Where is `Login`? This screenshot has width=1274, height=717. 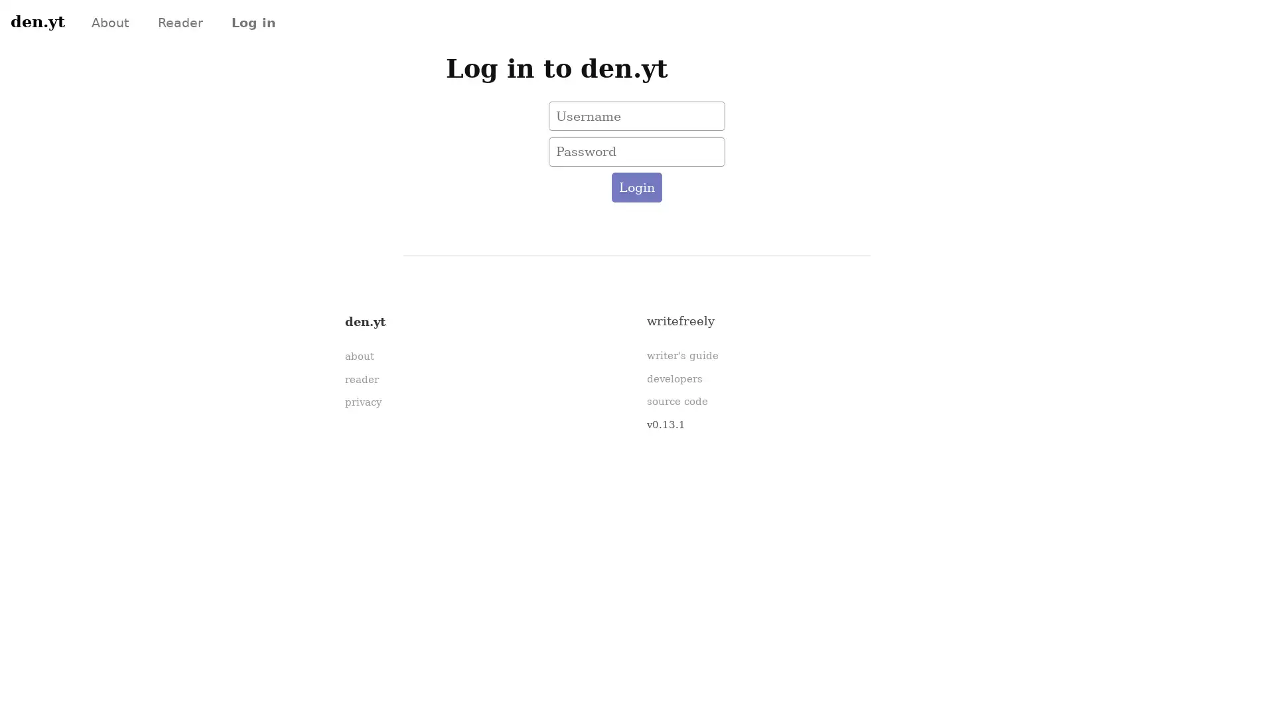 Login is located at coordinates (636, 187).